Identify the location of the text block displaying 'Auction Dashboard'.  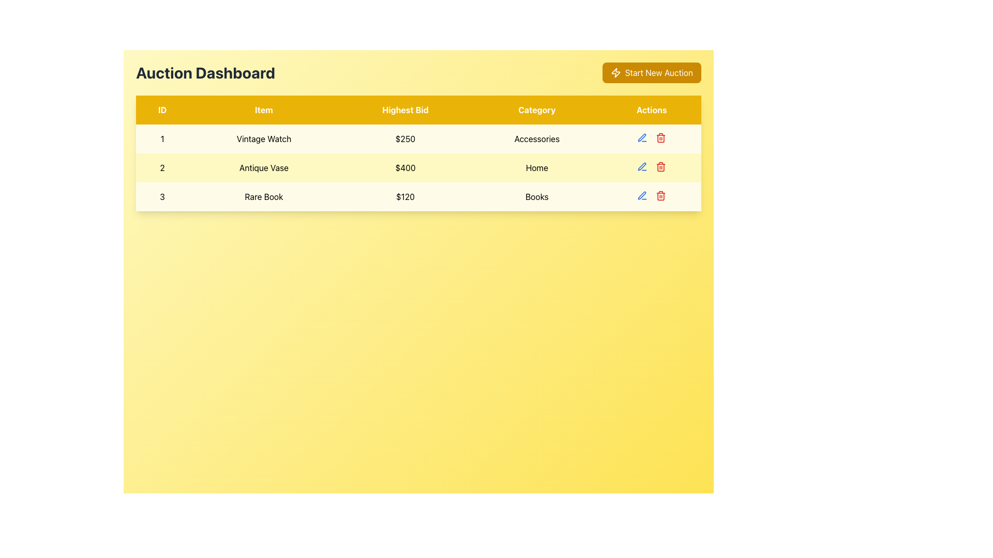
(205, 72).